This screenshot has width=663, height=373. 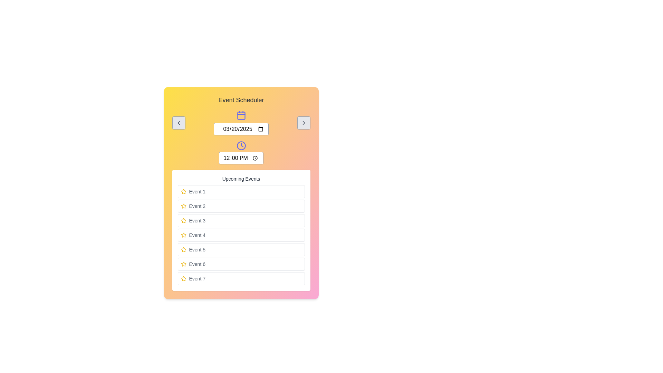 I want to click on the navigation icon located within the square button at the top-right corner of the event scheduler interface, so click(x=304, y=122).